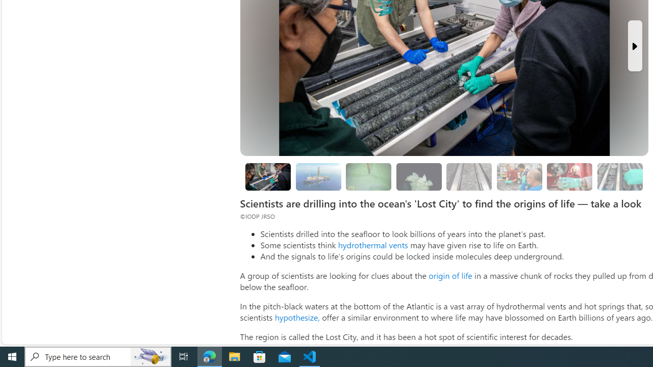  Describe the element at coordinates (634, 46) in the screenshot. I see `'Next Slide'` at that location.